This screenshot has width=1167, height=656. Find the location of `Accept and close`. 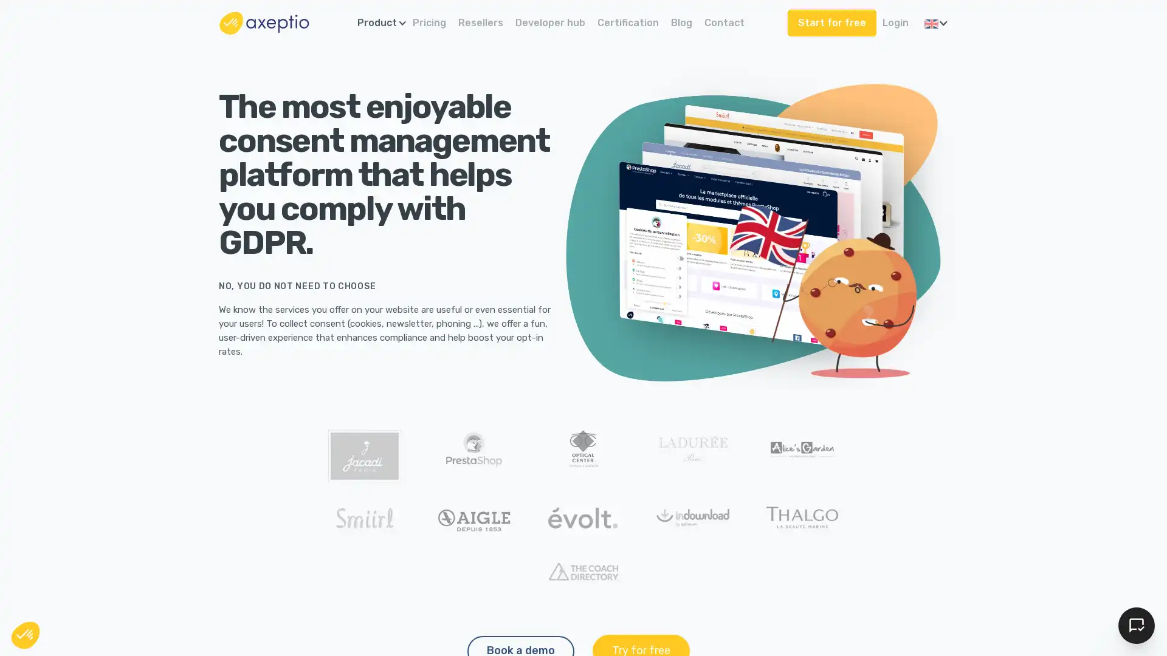

Accept and close is located at coordinates (224, 589).